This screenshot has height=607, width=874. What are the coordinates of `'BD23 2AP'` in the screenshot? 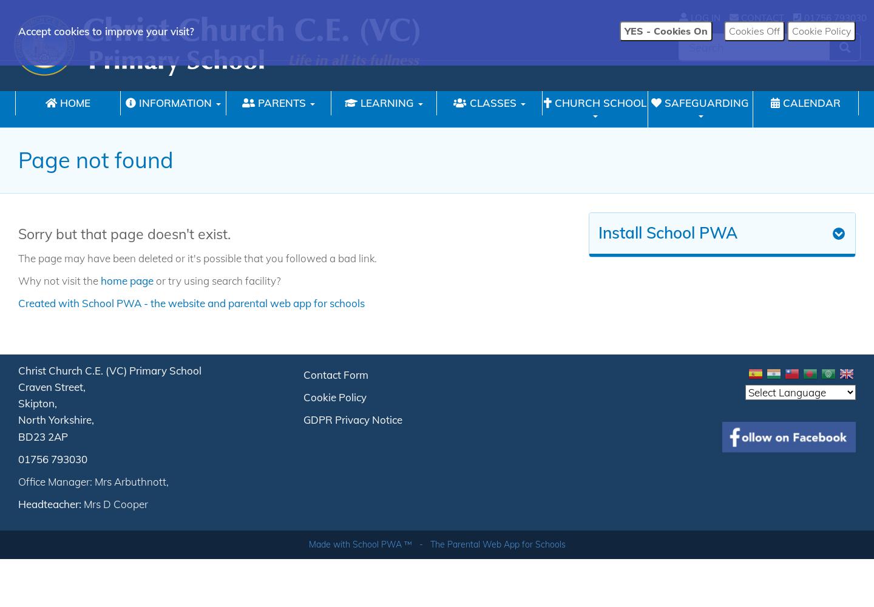 It's located at (42, 435).